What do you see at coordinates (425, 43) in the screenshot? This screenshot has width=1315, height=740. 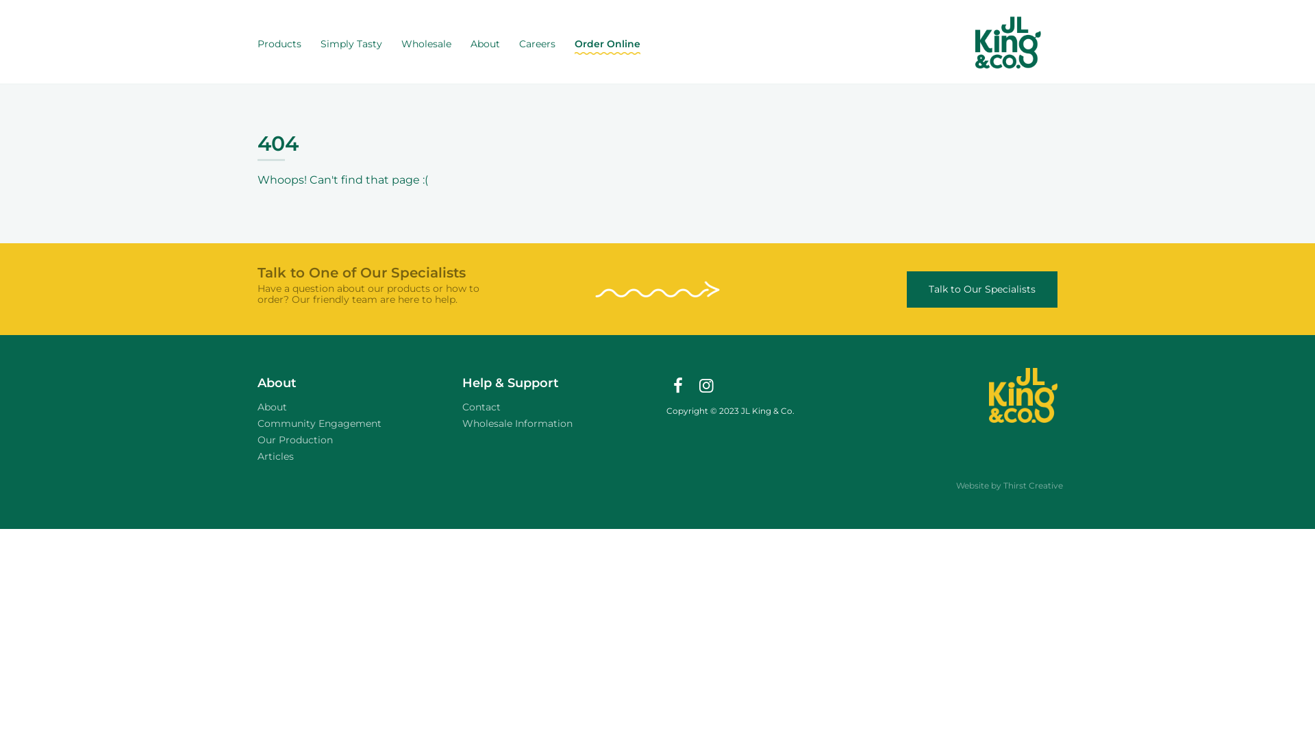 I see `'Wholesale'` at bounding box center [425, 43].